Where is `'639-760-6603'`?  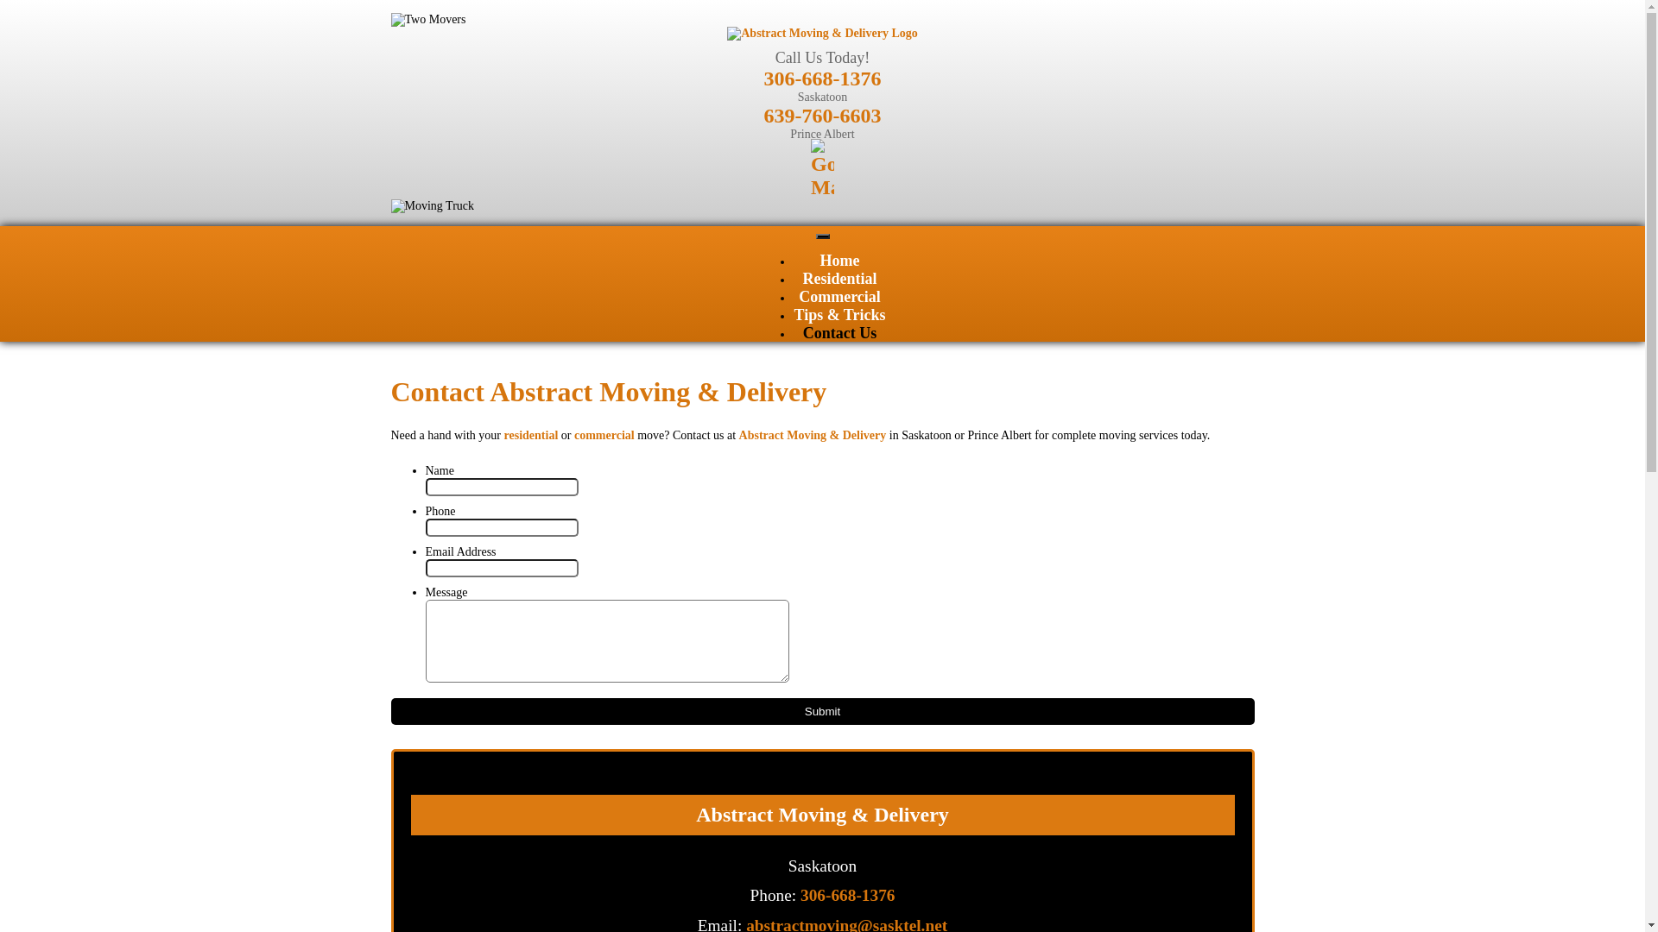 '639-760-6603' is located at coordinates (762, 116).